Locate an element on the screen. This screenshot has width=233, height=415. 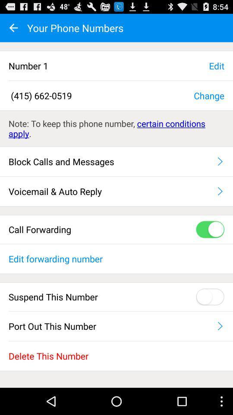
the app to the right of  (415) 662-0519 is located at coordinates (208, 95).